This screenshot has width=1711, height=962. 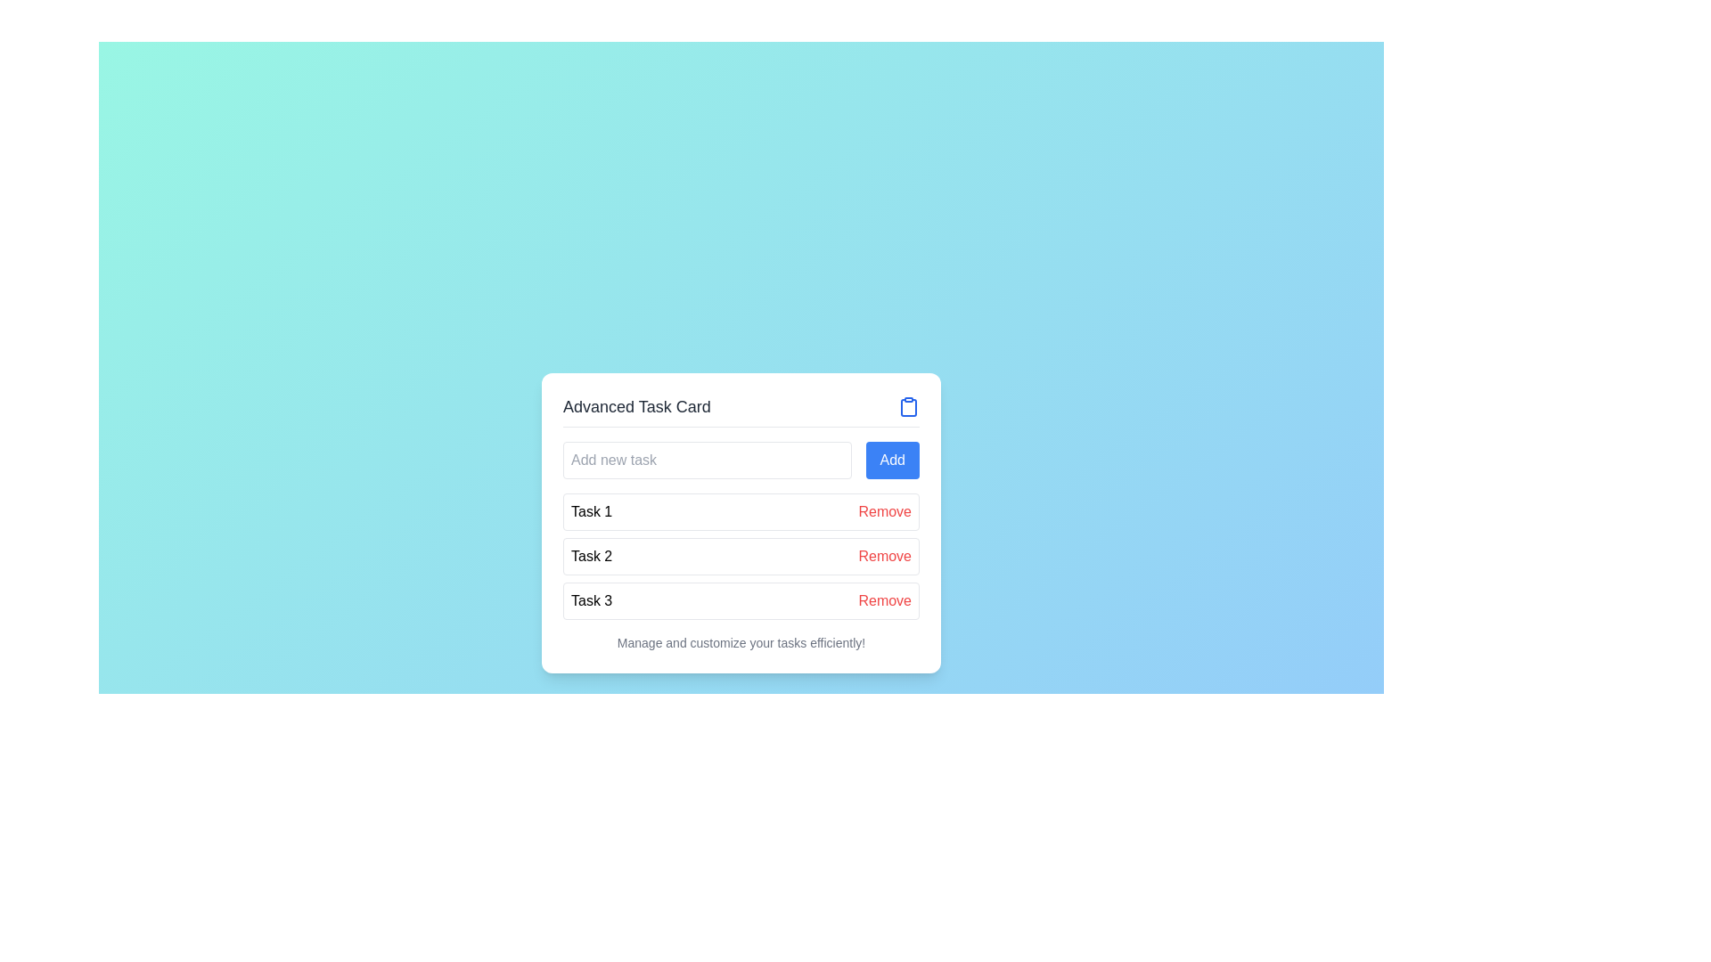 What do you see at coordinates (741, 642) in the screenshot?
I see `the informational static text located at the bottom-most section of the task card layout, directly beneath the list of task items` at bounding box center [741, 642].